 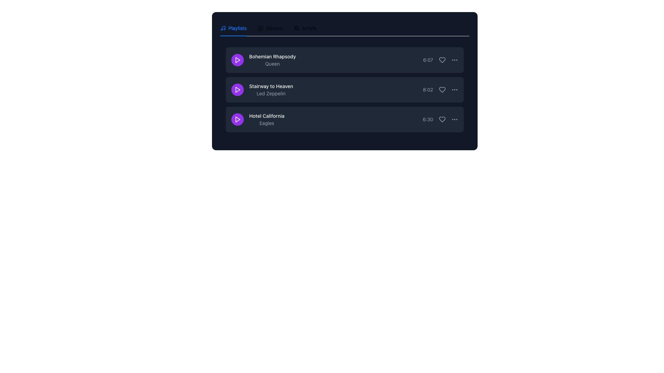 I want to click on the 'Albums' navigation tab, which is the second tab in a series of three, positioned between 'Playlists' and 'Artists', so click(x=270, y=28).